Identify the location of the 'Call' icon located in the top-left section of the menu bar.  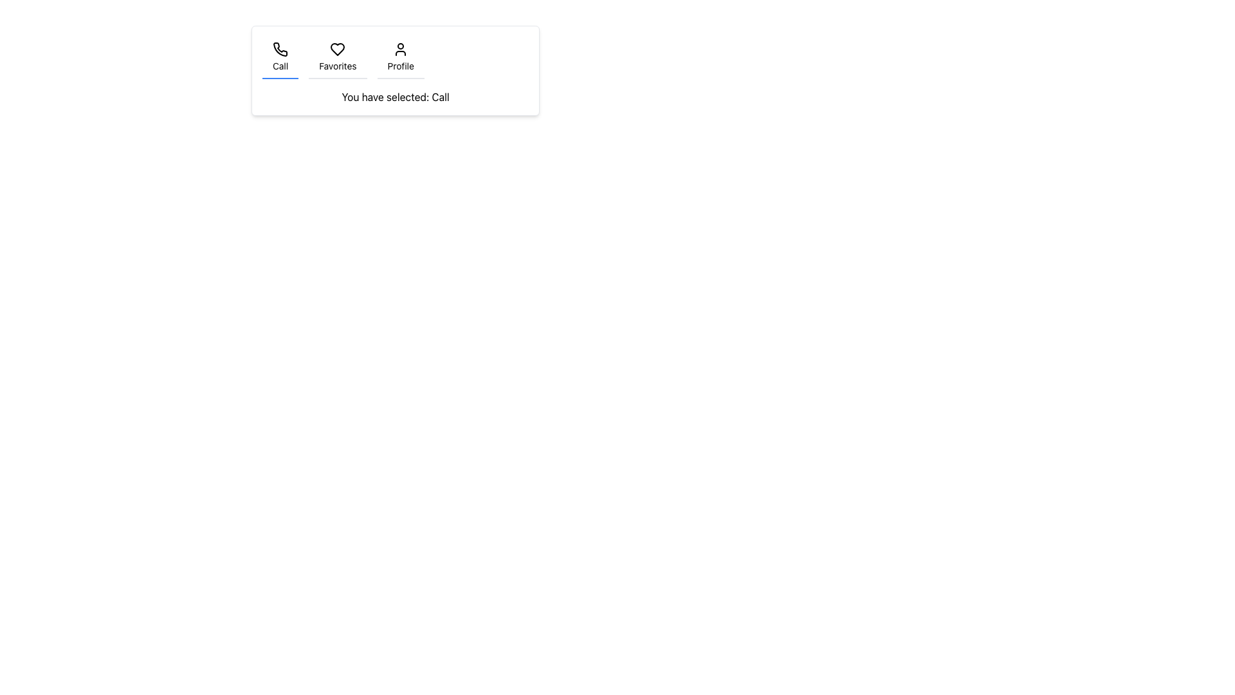
(280, 49).